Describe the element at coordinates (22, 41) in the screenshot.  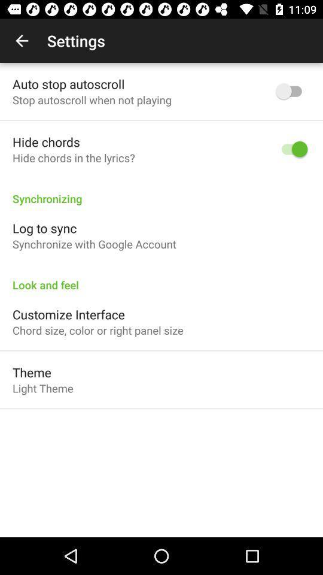
I see `the item to the left of the settings` at that location.